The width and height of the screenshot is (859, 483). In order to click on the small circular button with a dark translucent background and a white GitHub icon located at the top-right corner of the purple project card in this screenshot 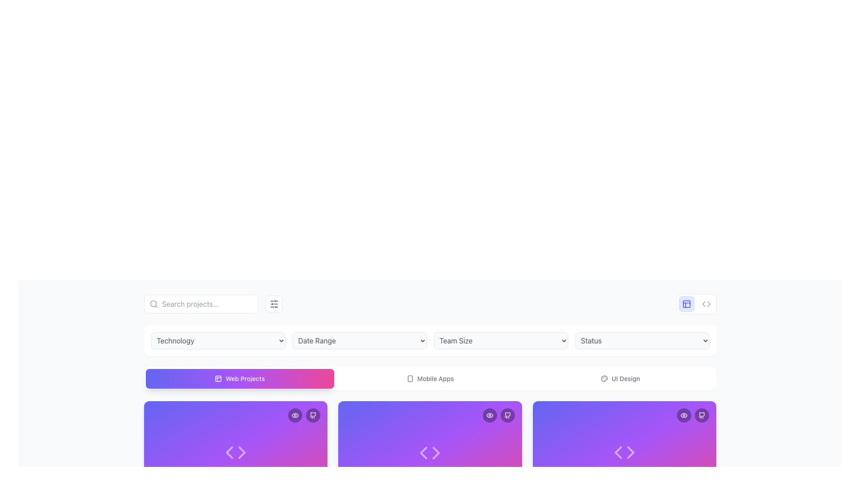, I will do `click(702, 415)`.